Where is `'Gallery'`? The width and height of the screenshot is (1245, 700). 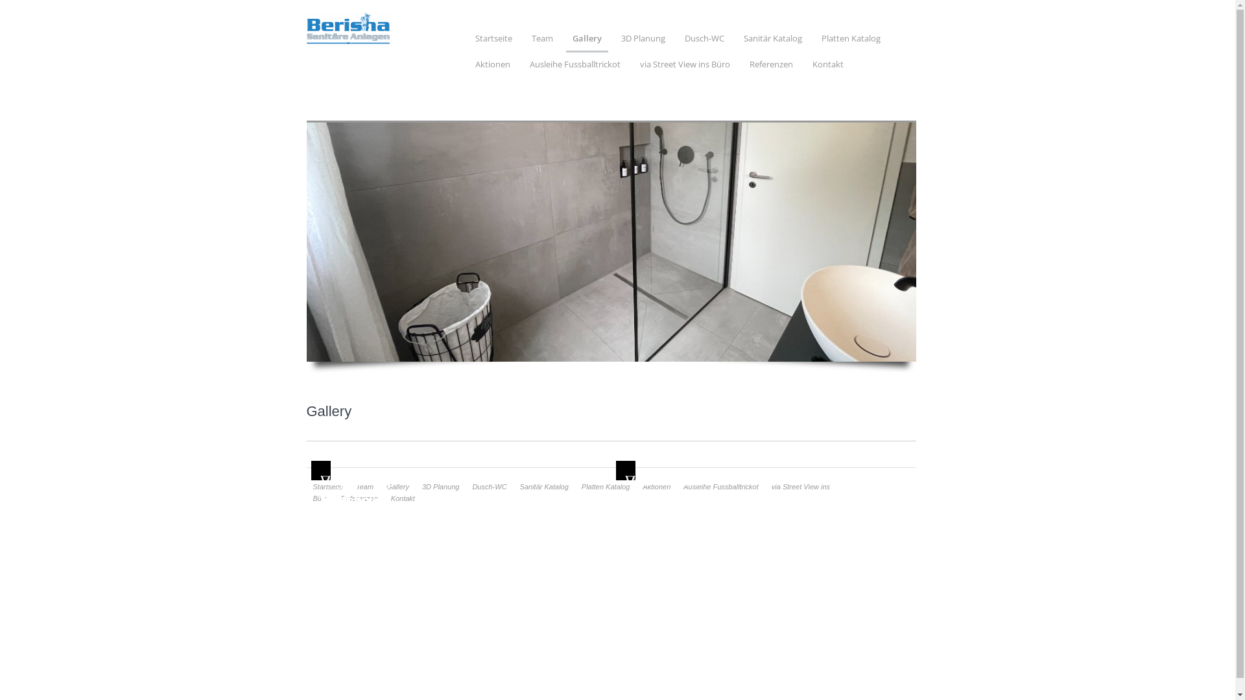
'Gallery' is located at coordinates (397, 487).